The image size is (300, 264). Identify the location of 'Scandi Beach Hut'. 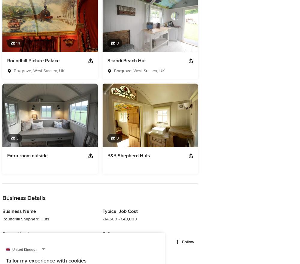
(127, 60).